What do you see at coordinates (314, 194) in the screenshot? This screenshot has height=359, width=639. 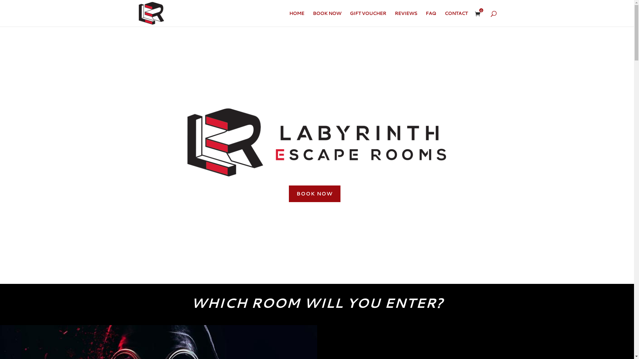 I see `'BOOK NOW'` at bounding box center [314, 194].